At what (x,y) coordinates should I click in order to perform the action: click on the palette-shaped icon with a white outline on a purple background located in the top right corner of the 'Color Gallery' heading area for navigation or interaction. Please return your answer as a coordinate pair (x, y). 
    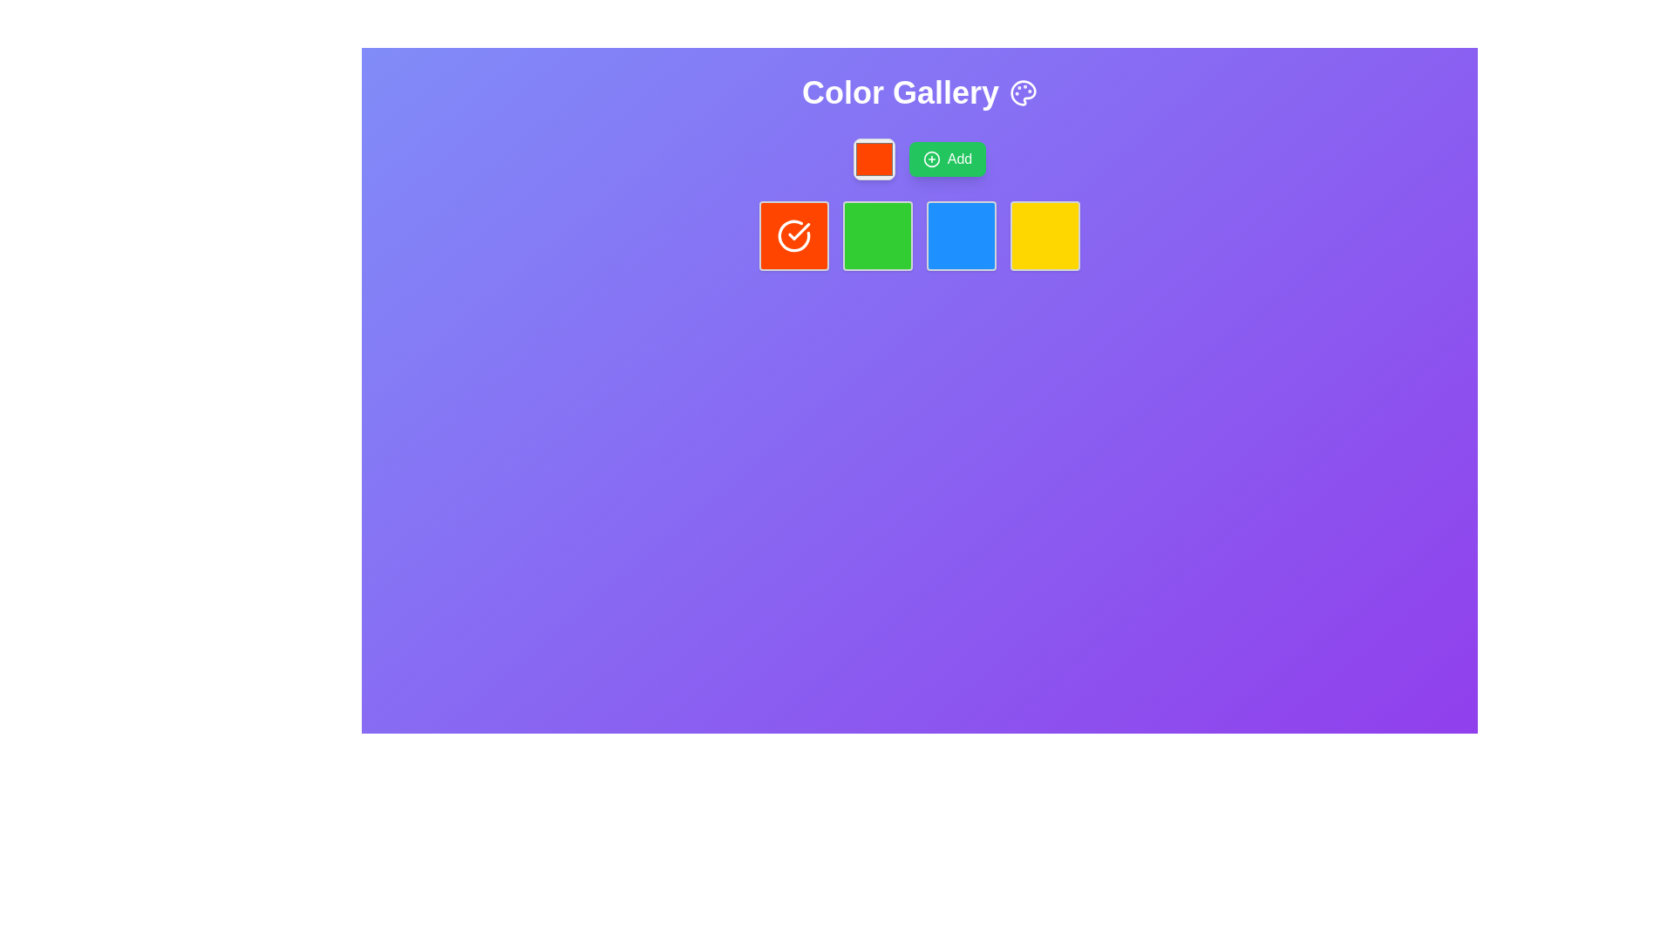
    Looking at the image, I should click on (1024, 93).